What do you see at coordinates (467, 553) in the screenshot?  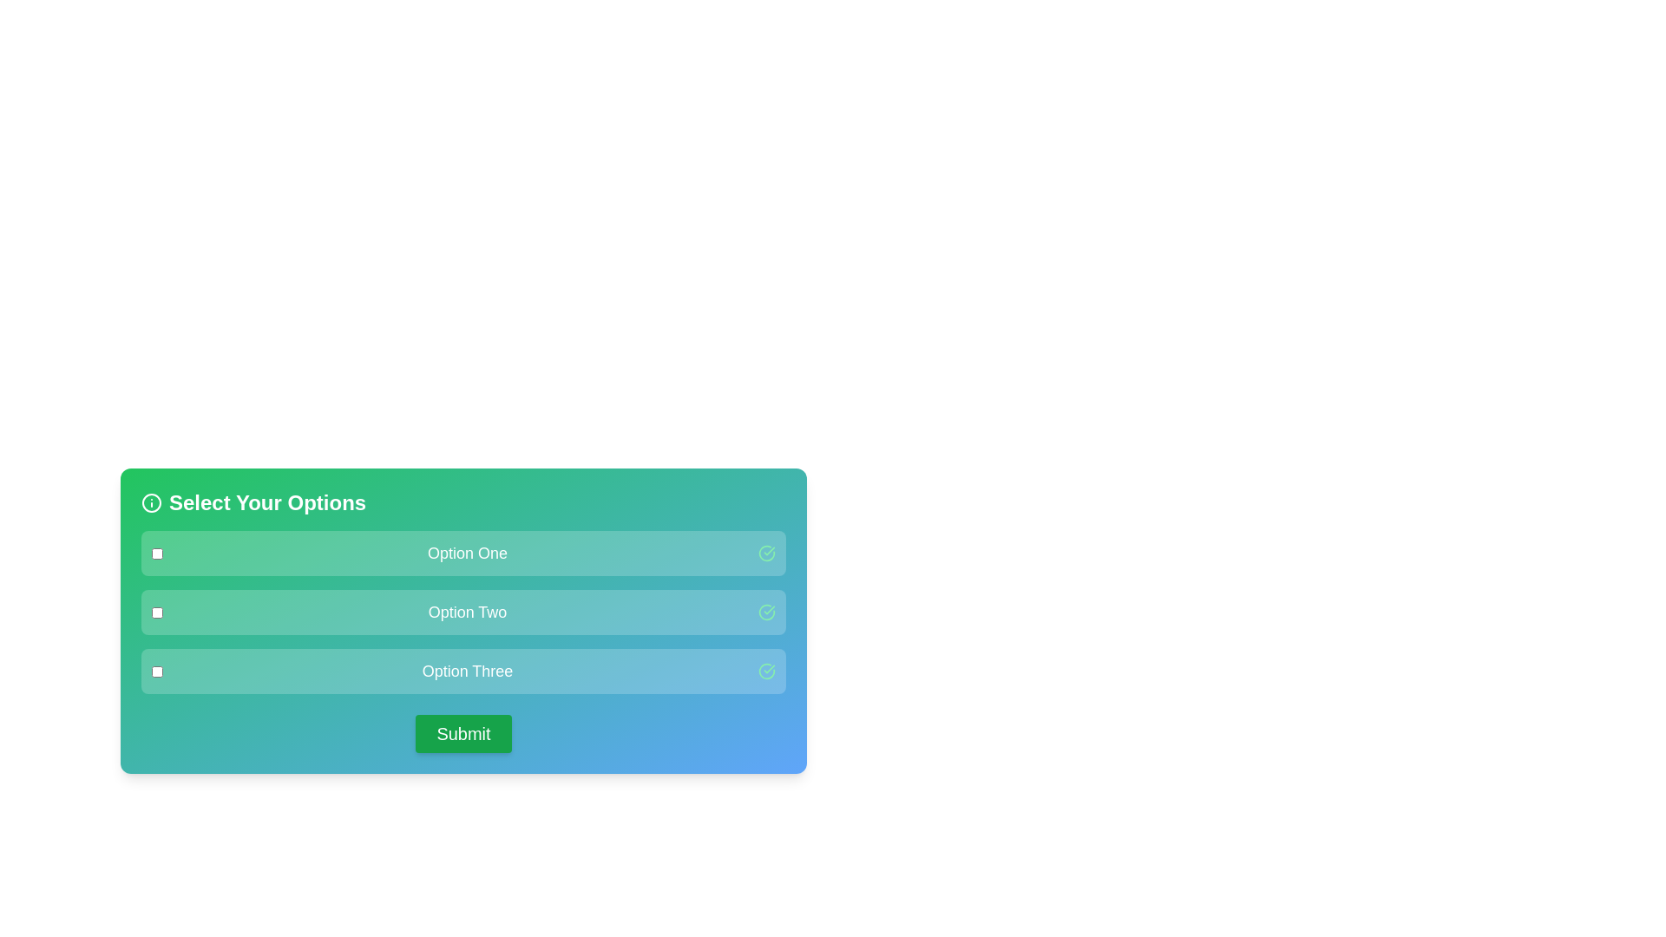 I see `the label of the option Option One` at bounding box center [467, 553].